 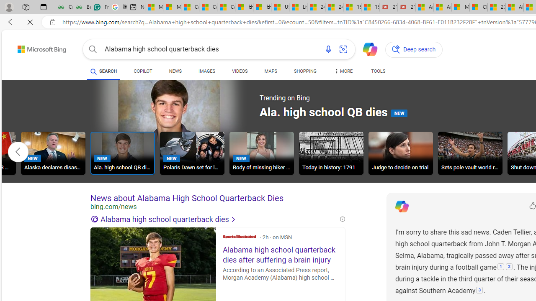 What do you see at coordinates (369, 7) in the screenshot?
I see `'15 Ways Modern Life Contradicts the Teachings of Jesus'` at bounding box center [369, 7].